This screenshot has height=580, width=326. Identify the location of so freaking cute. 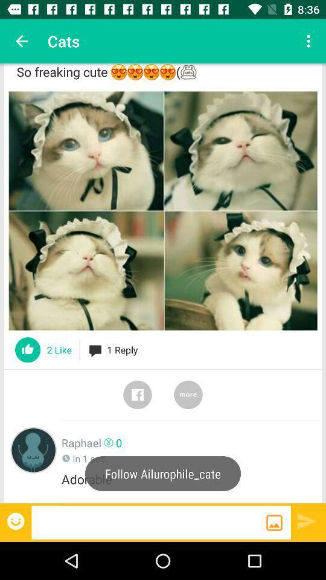
(163, 74).